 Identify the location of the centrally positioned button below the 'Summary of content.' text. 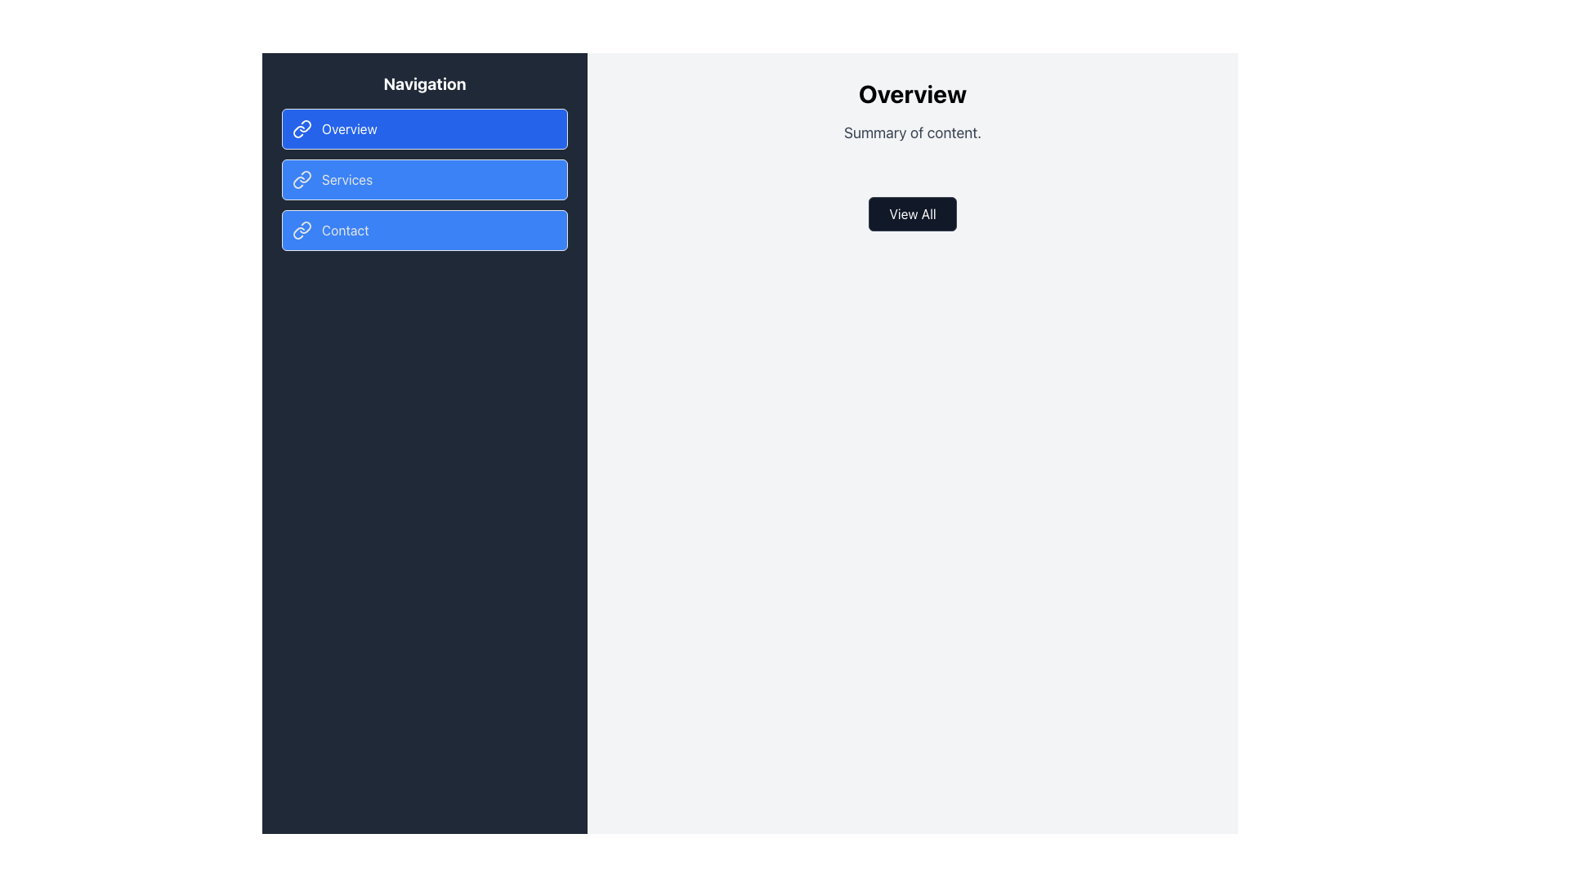
(912, 213).